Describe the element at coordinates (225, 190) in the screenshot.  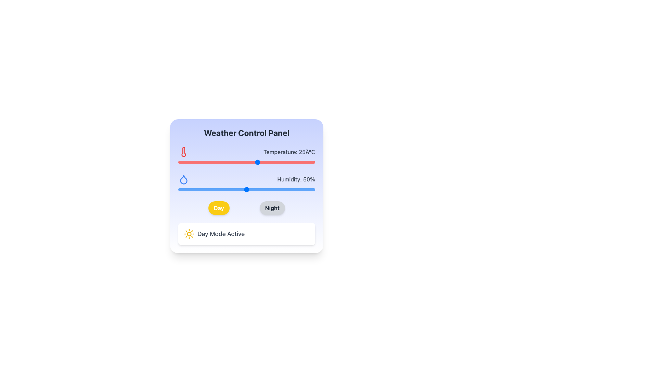
I see `humidity level` at that location.